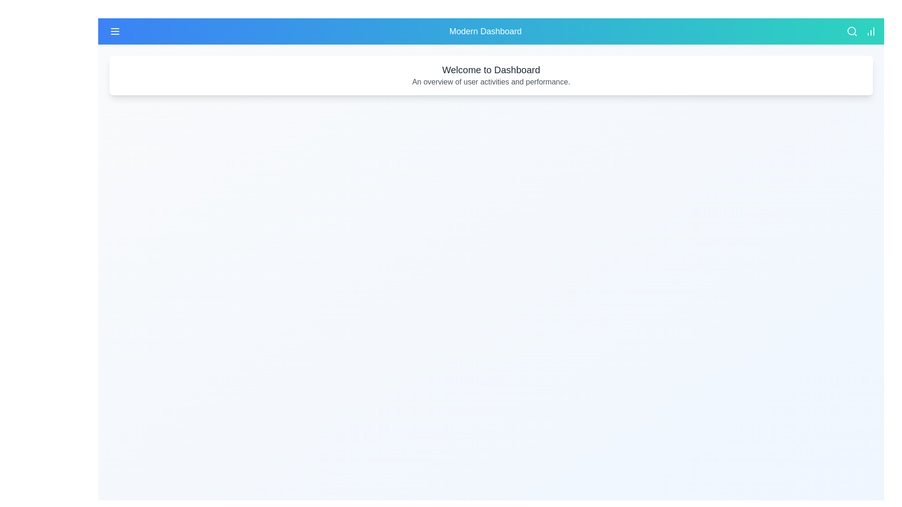 The height and width of the screenshot is (507, 902). I want to click on the bar chart icon to view analytics, so click(870, 31).